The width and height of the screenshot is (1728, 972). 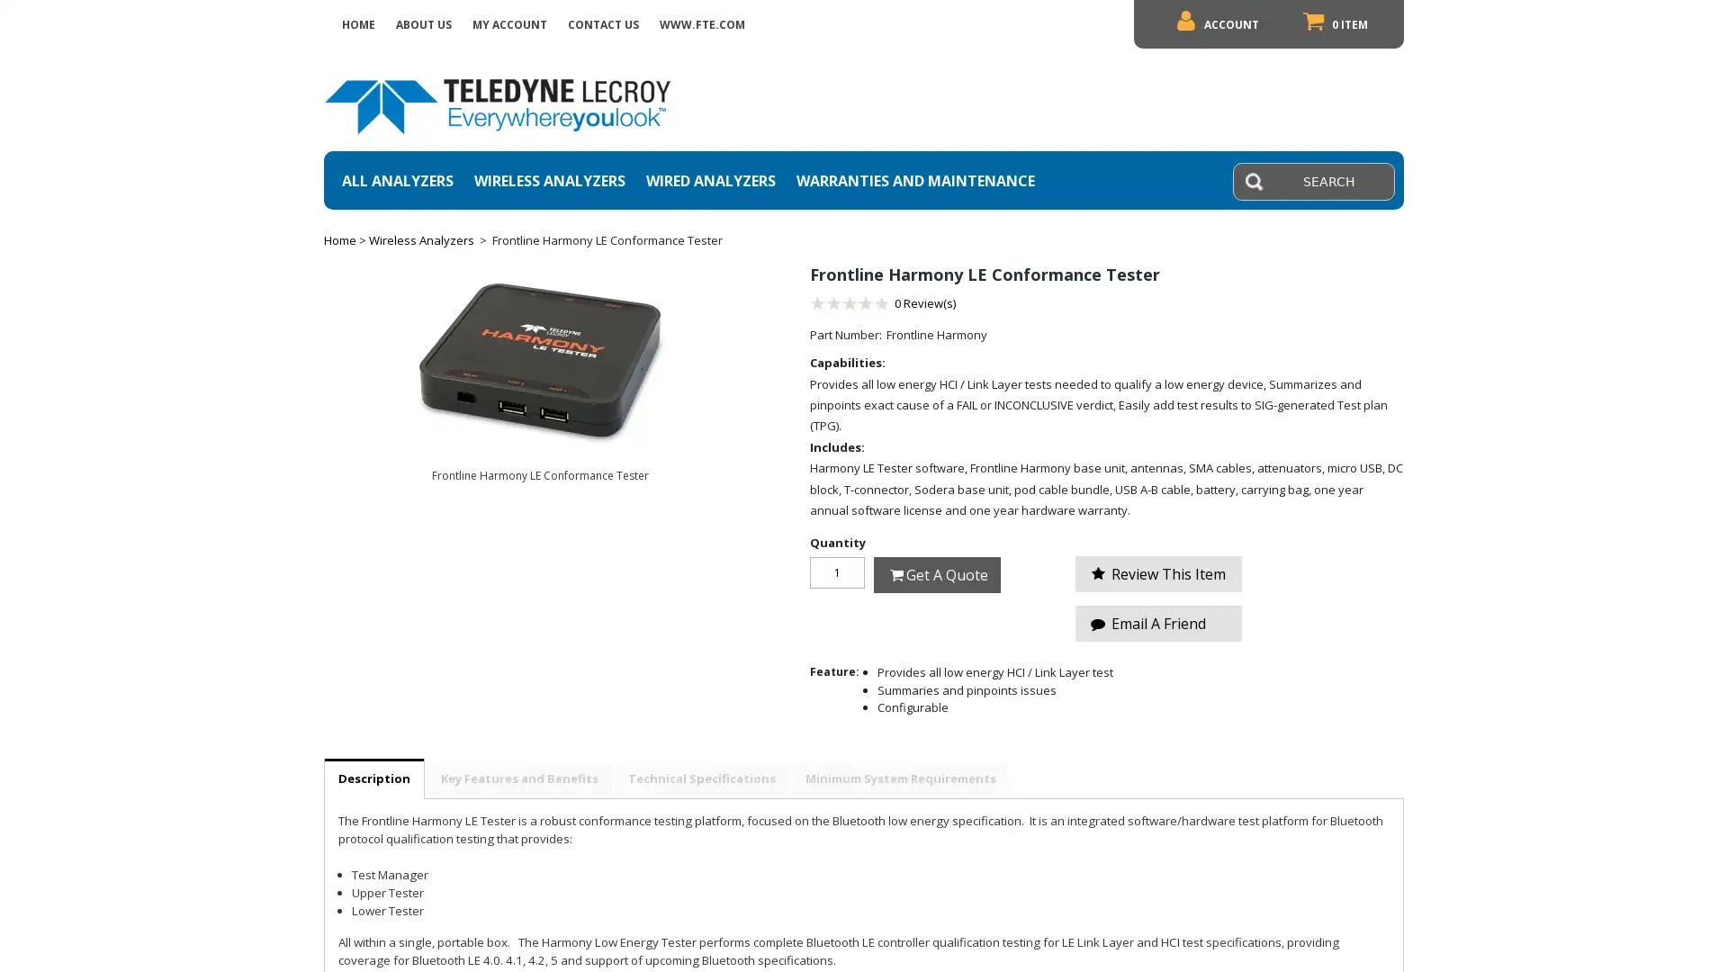 I want to click on Email A Friend, so click(x=1158, y=623).